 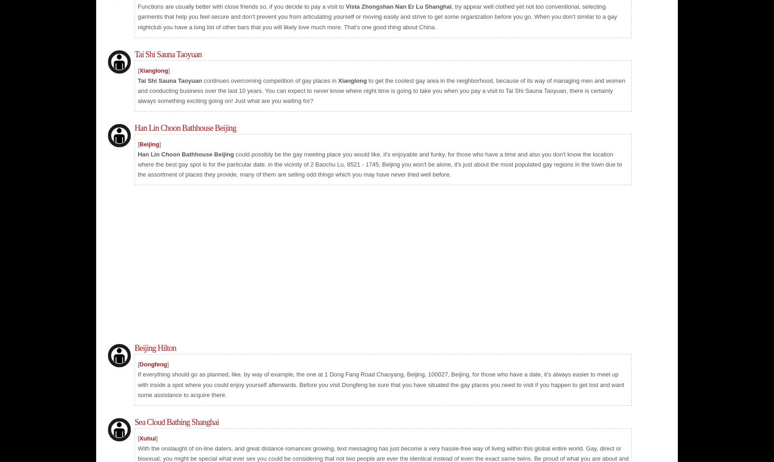 What do you see at coordinates (155, 348) in the screenshot?
I see `'Beijing Hilton'` at bounding box center [155, 348].